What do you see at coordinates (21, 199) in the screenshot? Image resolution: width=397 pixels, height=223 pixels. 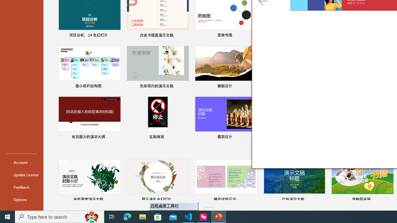 I see `'Options'` at bounding box center [21, 199].